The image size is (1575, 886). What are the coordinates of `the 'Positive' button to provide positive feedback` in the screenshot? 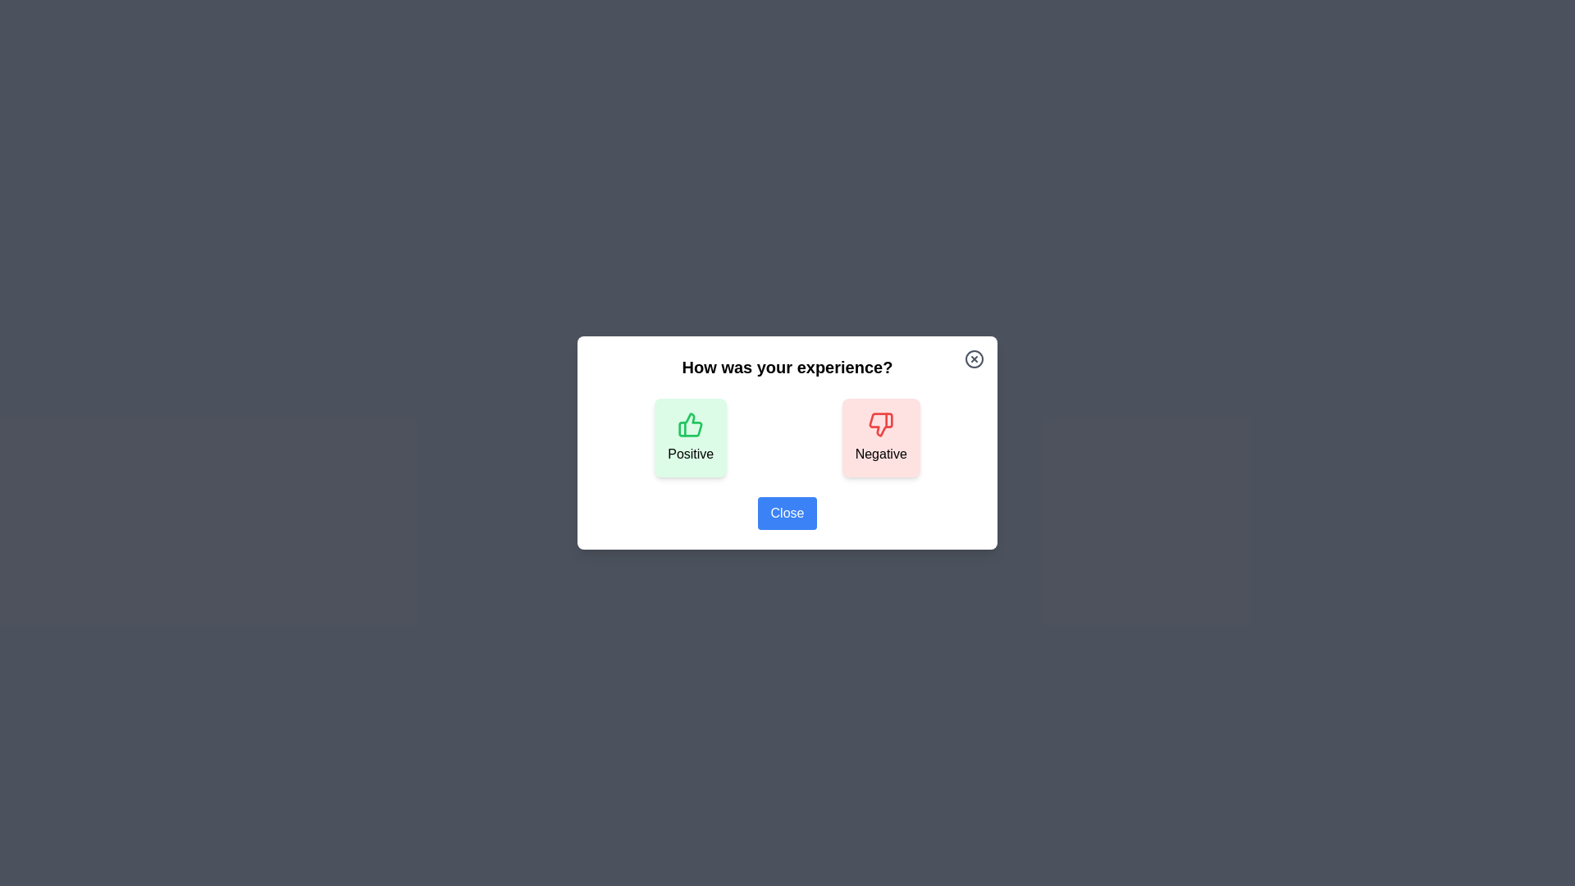 It's located at (690, 436).